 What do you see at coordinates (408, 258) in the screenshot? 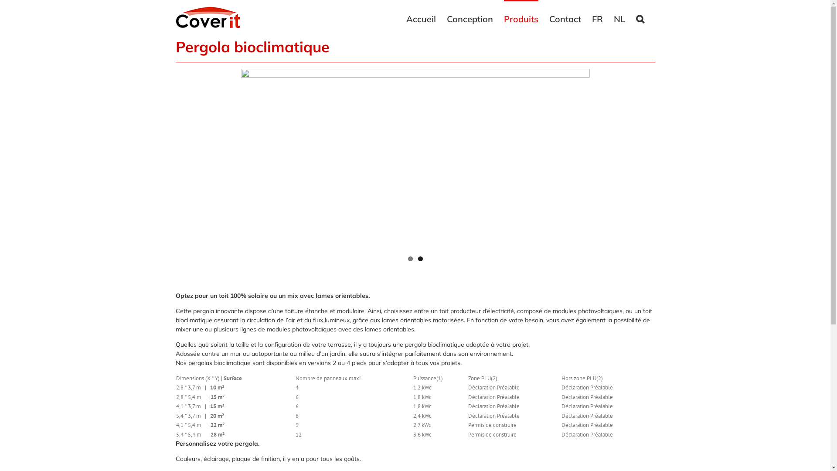
I see `'1'` at bounding box center [408, 258].